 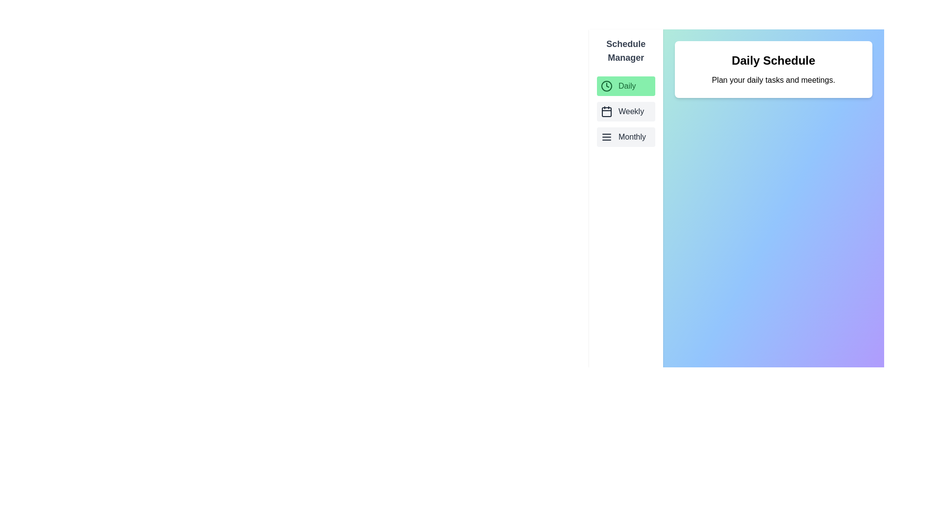 What do you see at coordinates (625, 111) in the screenshot?
I see `the schedule Weekly from the list` at bounding box center [625, 111].